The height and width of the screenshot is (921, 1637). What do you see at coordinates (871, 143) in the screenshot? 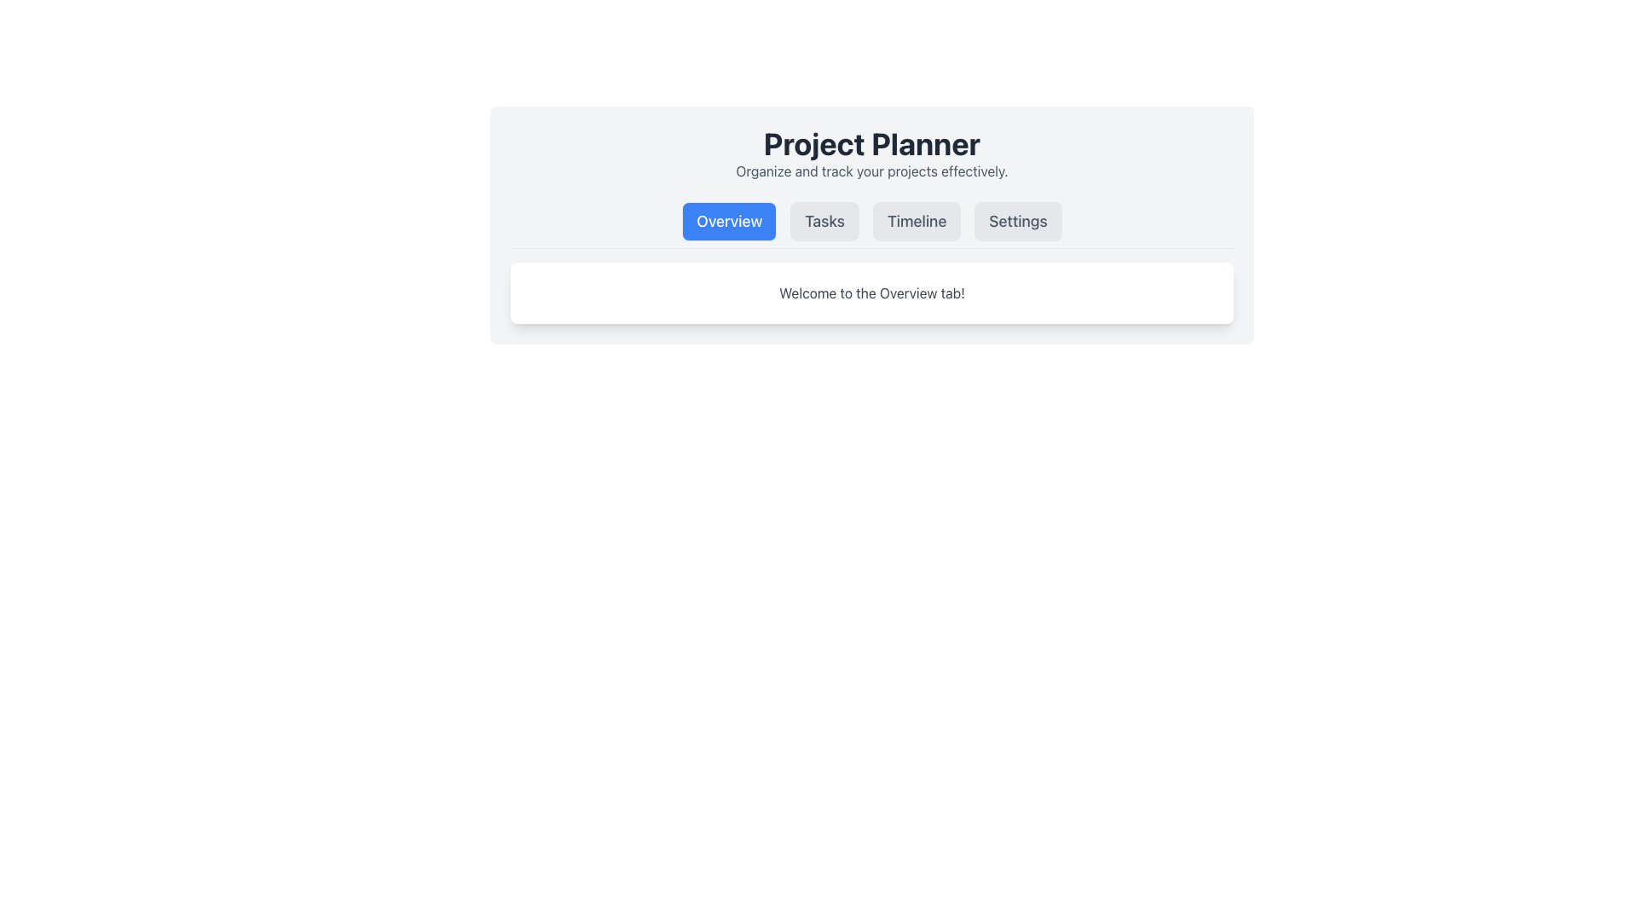
I see `the 'Project Planner' text label, which serves as the title or header for the webpage or section, prominently displayed above the line 'Organize and track your projects effectively.'` at bounding box center [871, 143].